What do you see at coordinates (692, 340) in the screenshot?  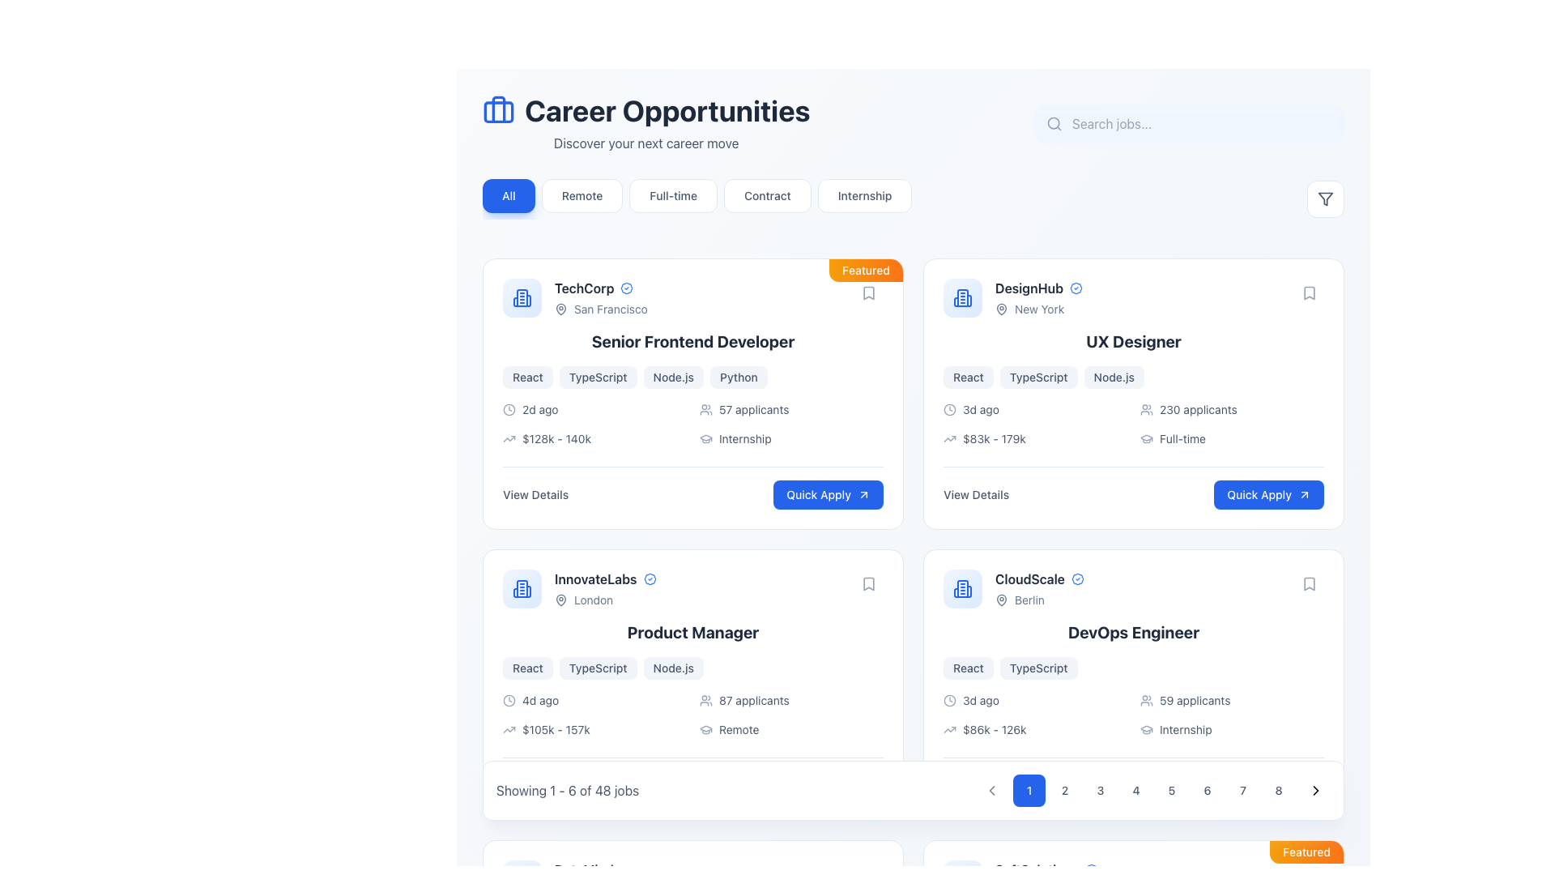 I see `the text label displaying the title 'Senior Frontend Developer', which is styled in a bold font and is the primary focus within the job listing card for 'TechCorp'` at bounding box center [692, 340].